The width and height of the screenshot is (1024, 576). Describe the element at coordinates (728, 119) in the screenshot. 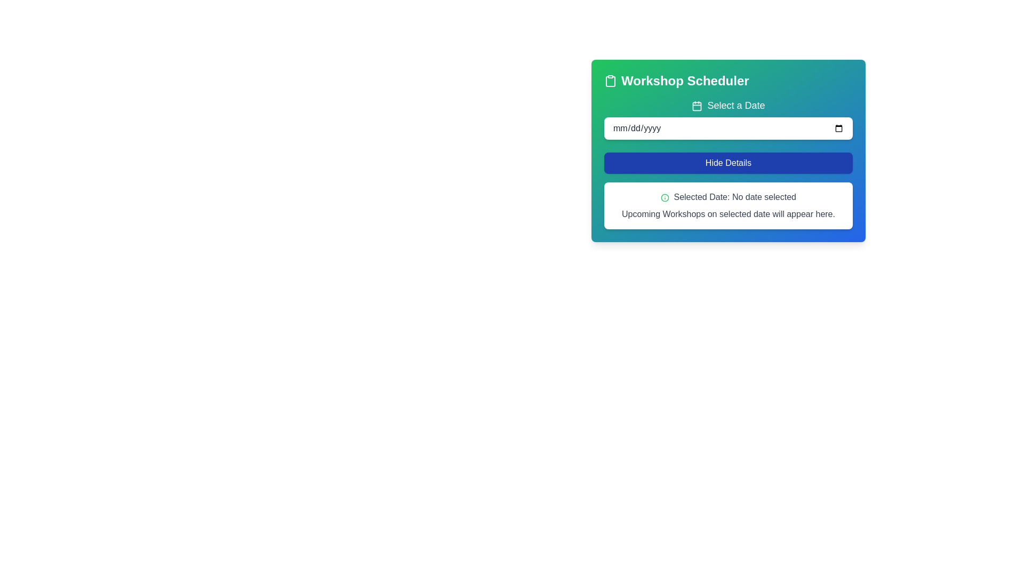

I see `the calendar icon located to the left of the 'Select a Date' label` at that location.